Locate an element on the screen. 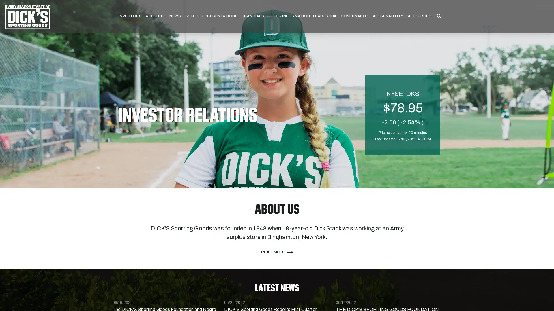  toggle search is located at coordinates (439, 16).